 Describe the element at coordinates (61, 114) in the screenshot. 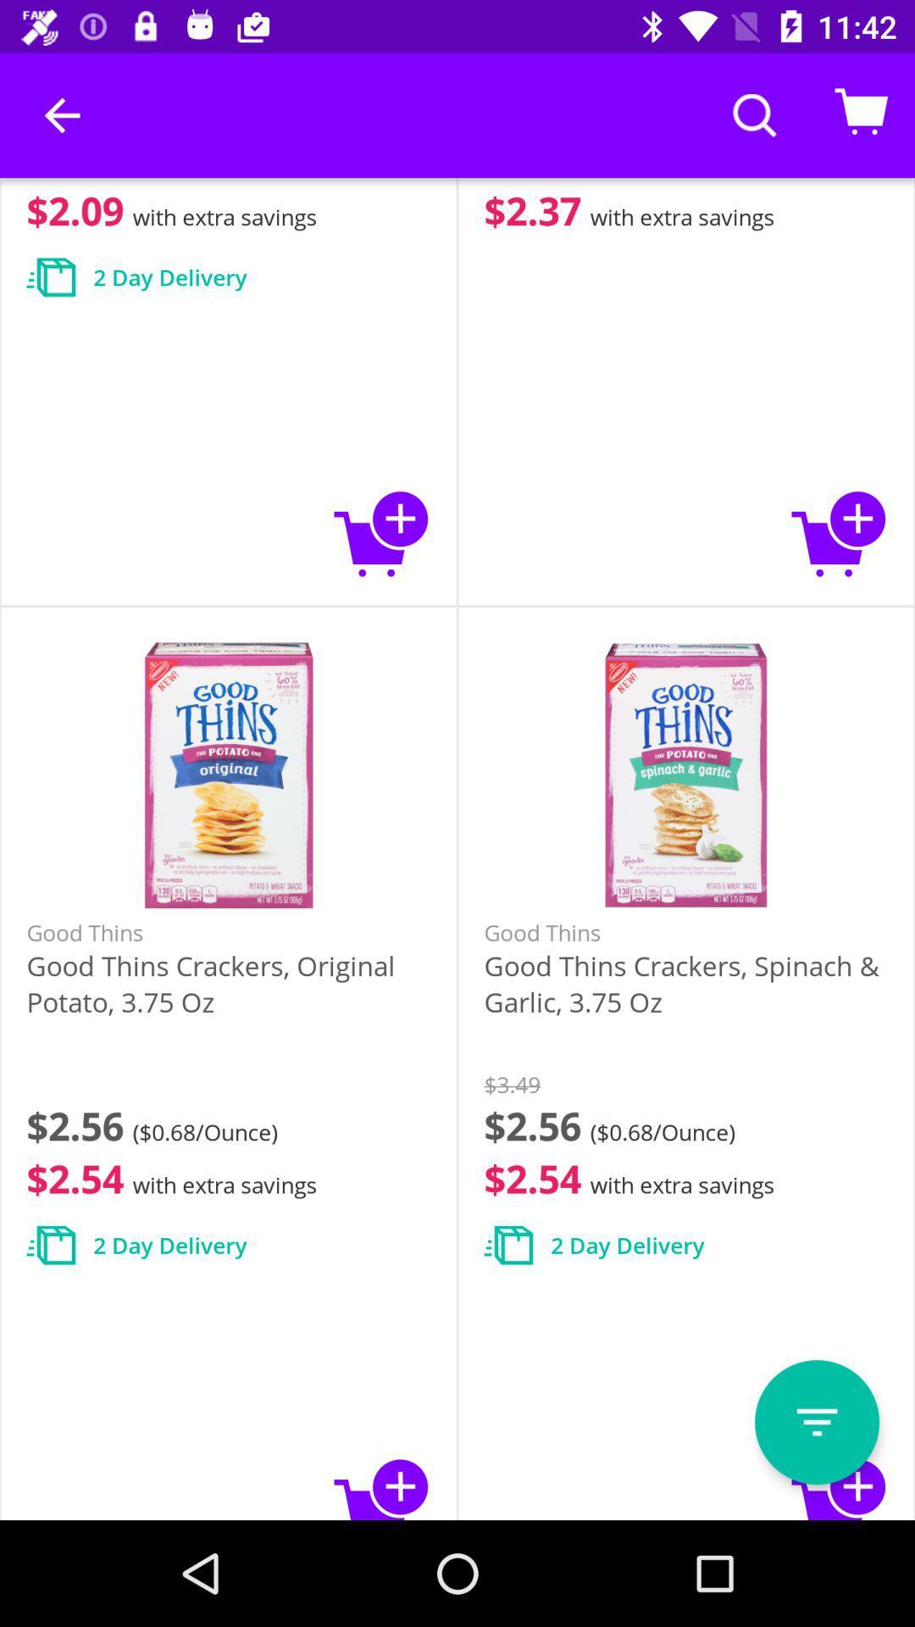

I see `the icon next to ($0.26/ounce) icon` at that location.